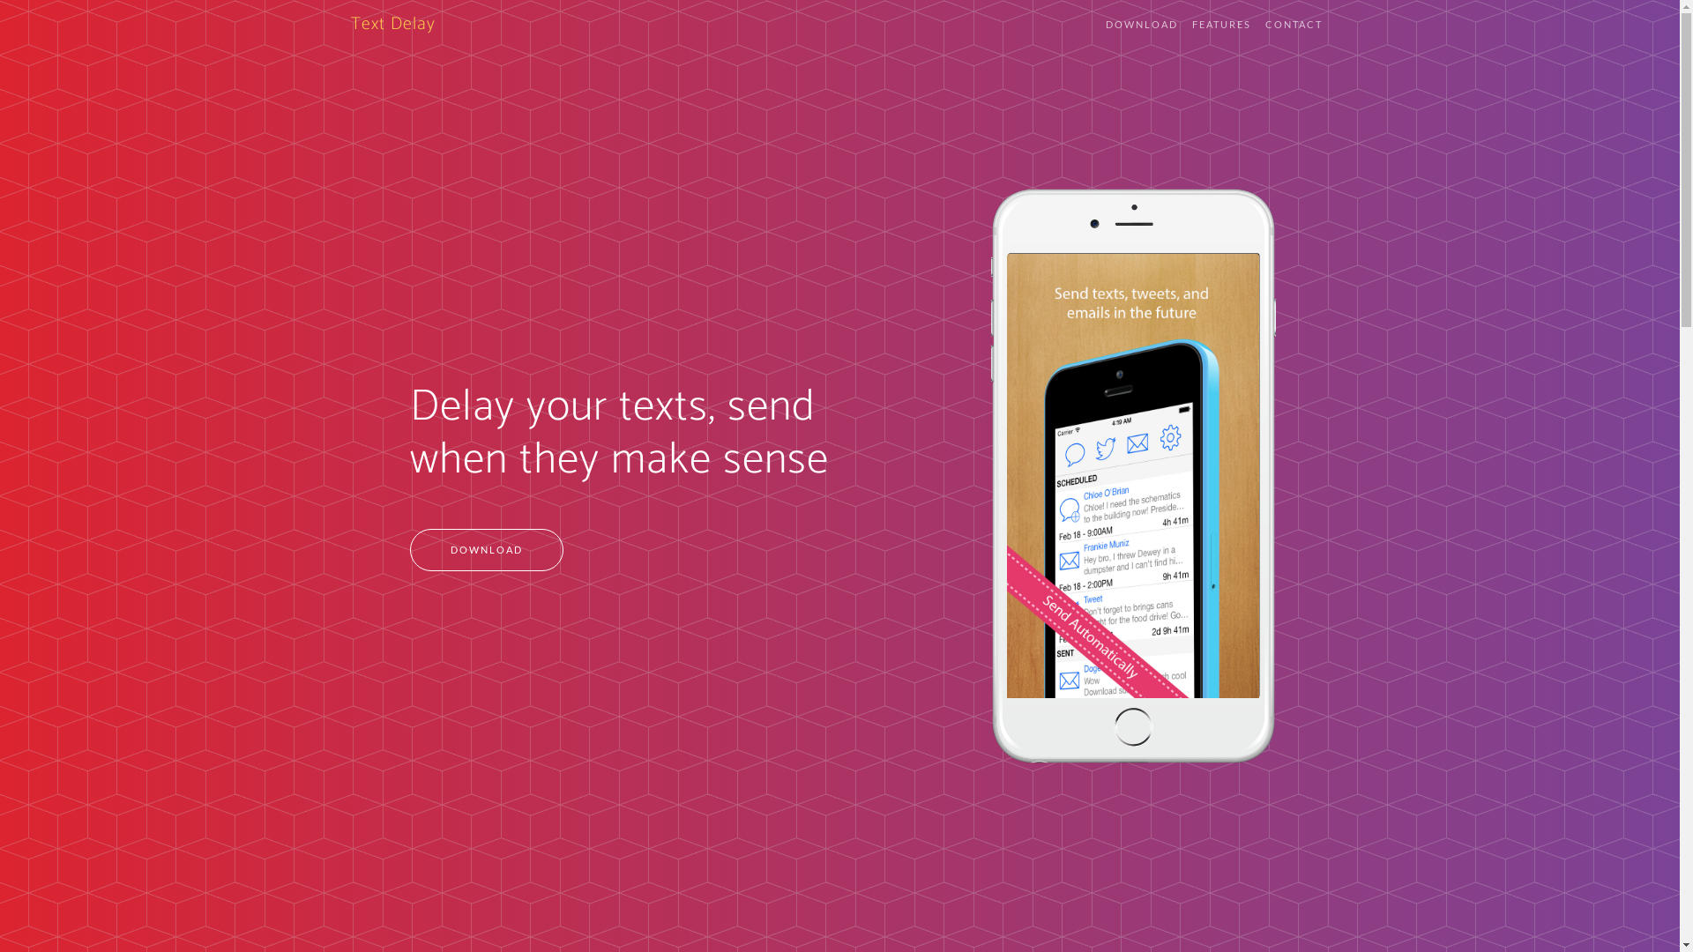  What do you see at coordinates (1220, 25) in the screenshot?
I see `'FEATURES'` at bounding box center [1220, 25].